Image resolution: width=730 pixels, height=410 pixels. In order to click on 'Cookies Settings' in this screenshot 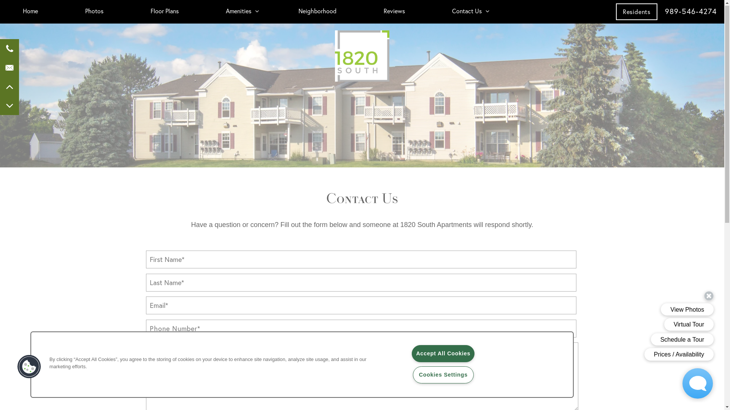, I will do `click(443, 375)`.